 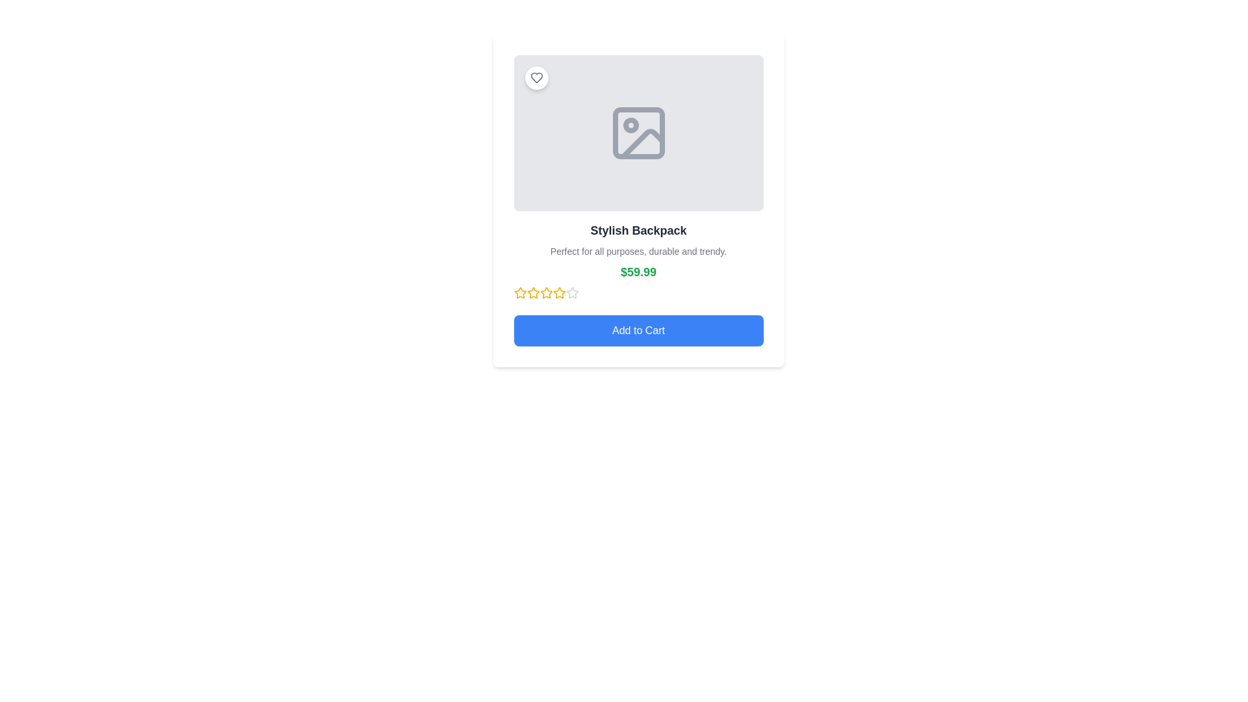 What do you see at coordinates (638, 272) in the screenshot?
I see `the text display showing the price '$59.99' which is styled in bold green font, located in the product card below the title and description` at bounding box center [638, 272].